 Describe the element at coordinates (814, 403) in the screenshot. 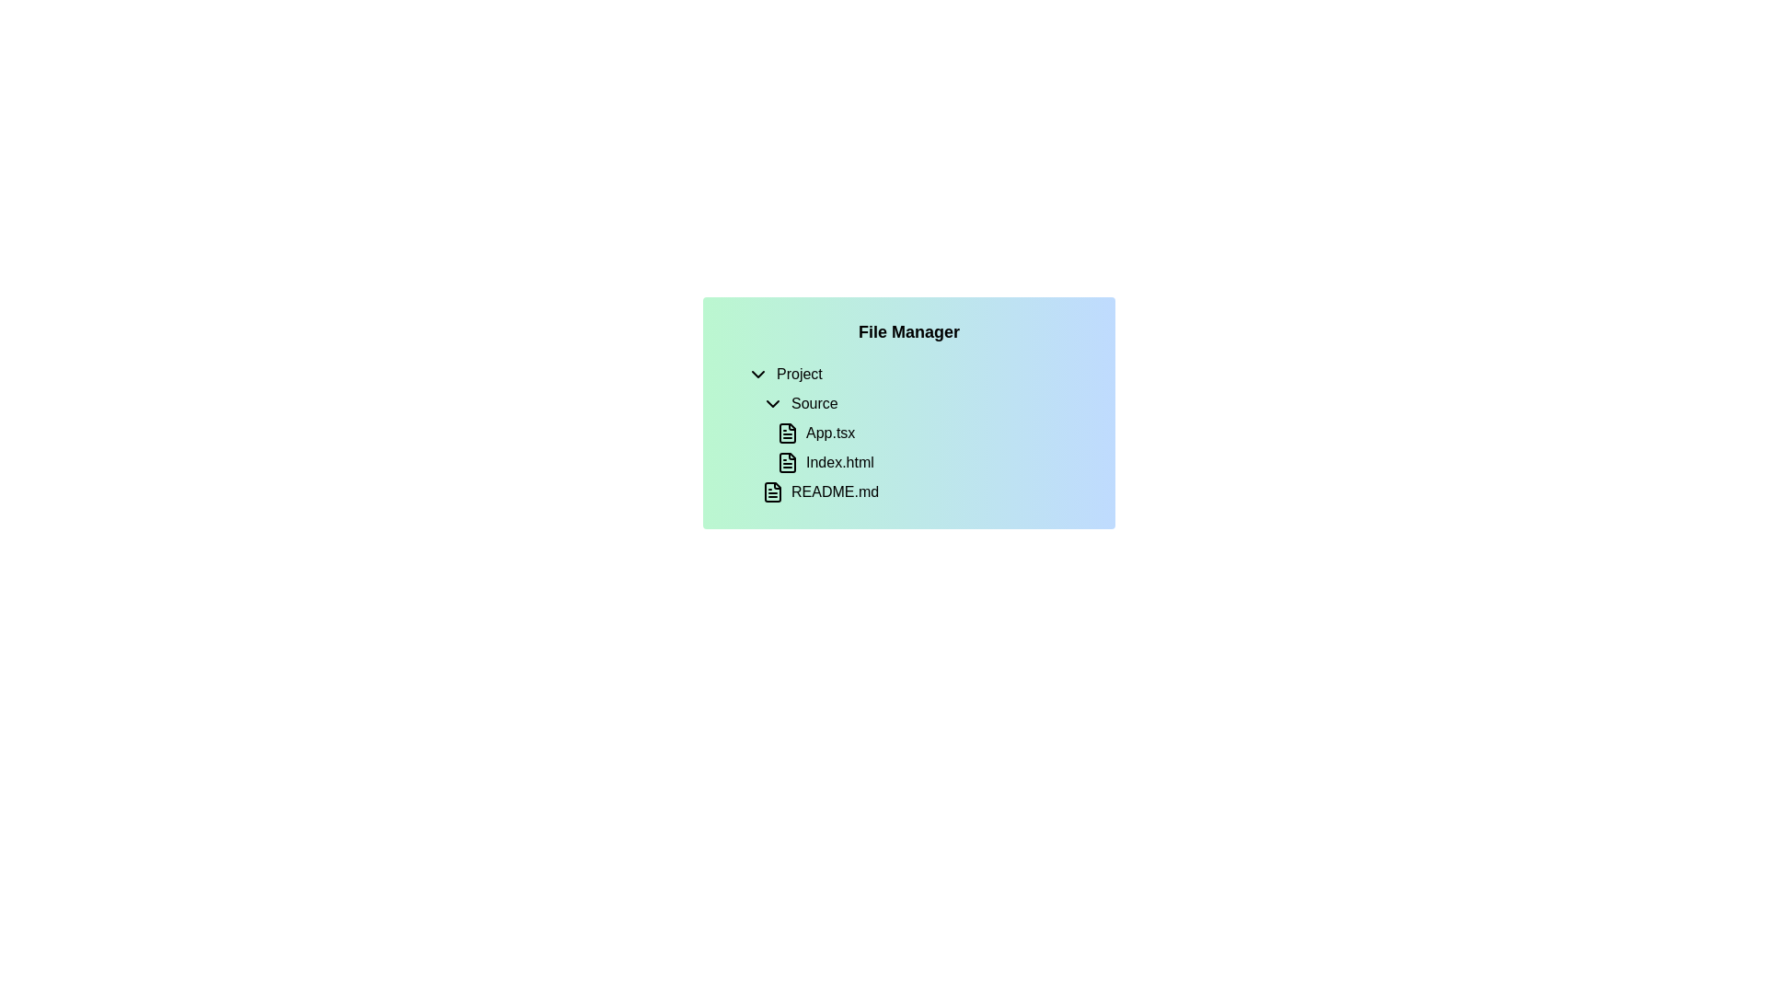

I see `the label for the 'Source' folder in the file manager interface` at that location.